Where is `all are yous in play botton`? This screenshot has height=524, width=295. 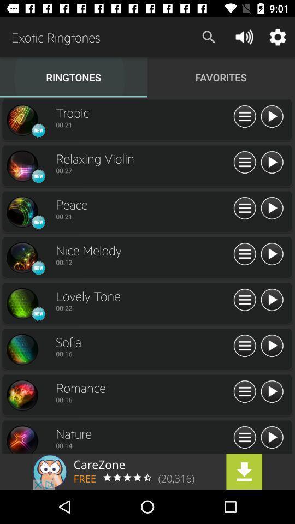 all are yous in play botton is located at coordinates (271, 300).